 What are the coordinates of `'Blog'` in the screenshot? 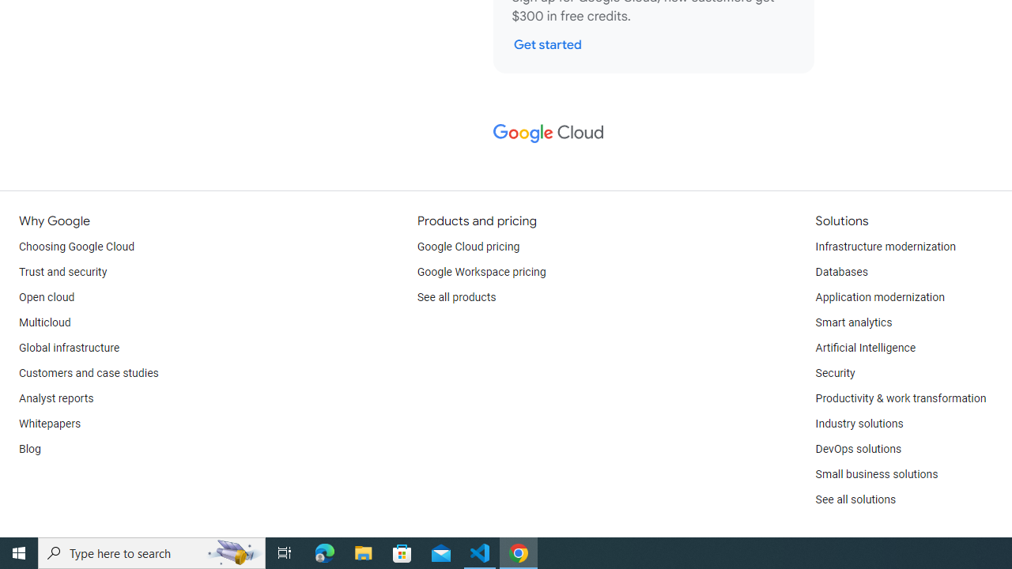 It's located at (30, 449).